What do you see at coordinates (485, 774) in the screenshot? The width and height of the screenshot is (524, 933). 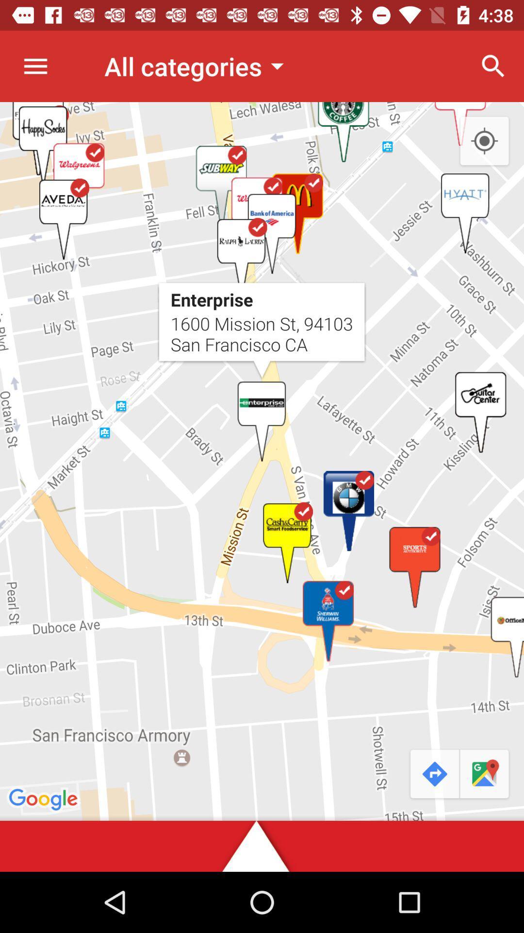 I see `the chat icon` at bounding box center [485, 774].